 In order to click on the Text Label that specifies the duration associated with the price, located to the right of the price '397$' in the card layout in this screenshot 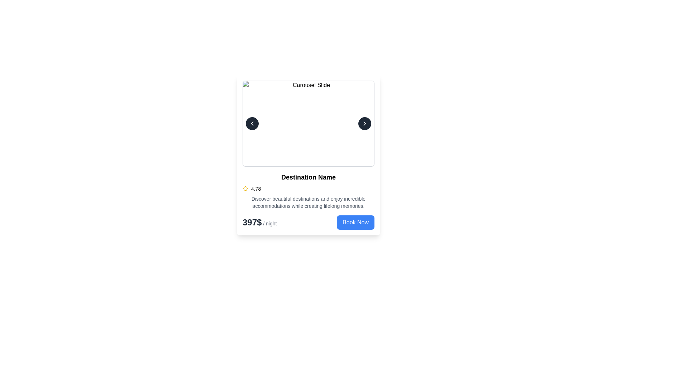, I will do `click(269, 223)`.